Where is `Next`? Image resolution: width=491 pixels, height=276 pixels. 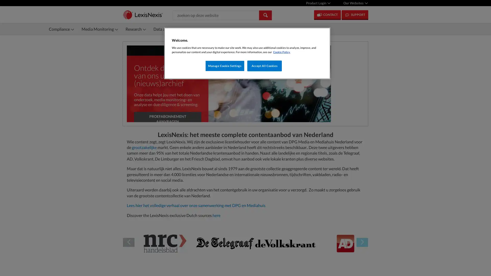
Next is located at coordinates (362, 255).